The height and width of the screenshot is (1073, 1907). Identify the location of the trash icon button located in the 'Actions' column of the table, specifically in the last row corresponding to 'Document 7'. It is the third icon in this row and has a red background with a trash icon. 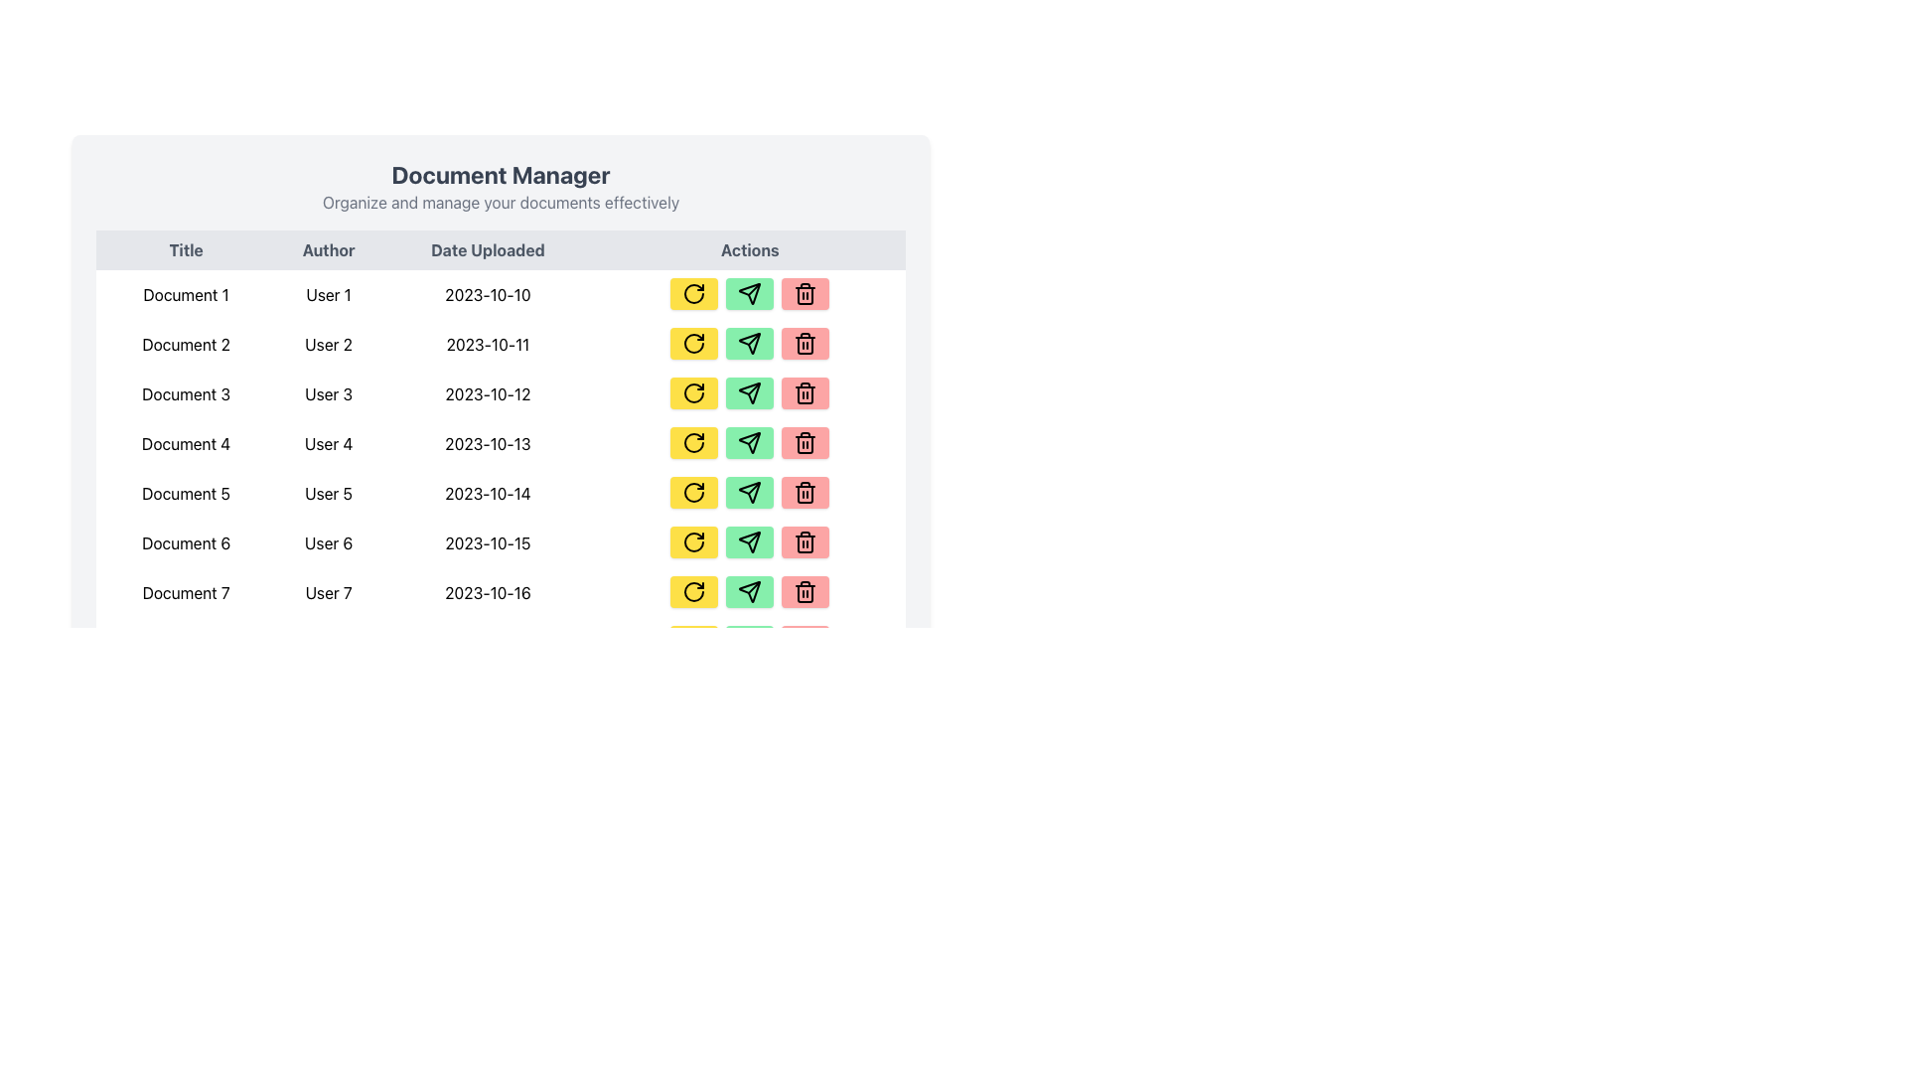
(806, 591).